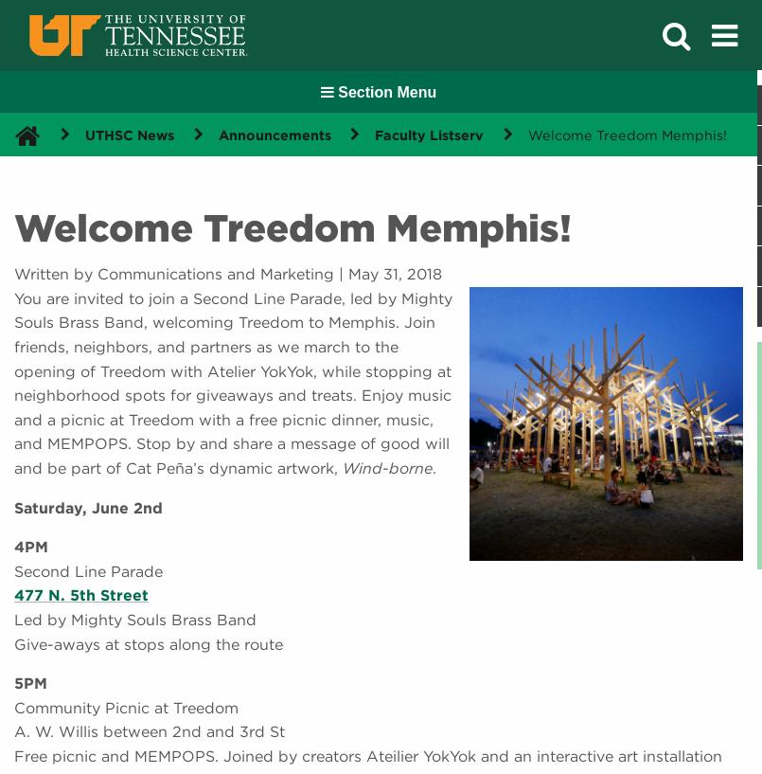 Image resolution: width=762 pixels, height=774 pixels. Describe the element at coordinates (374, 134) in the screenshot. I see `'Faculty Listserv'` at that location.